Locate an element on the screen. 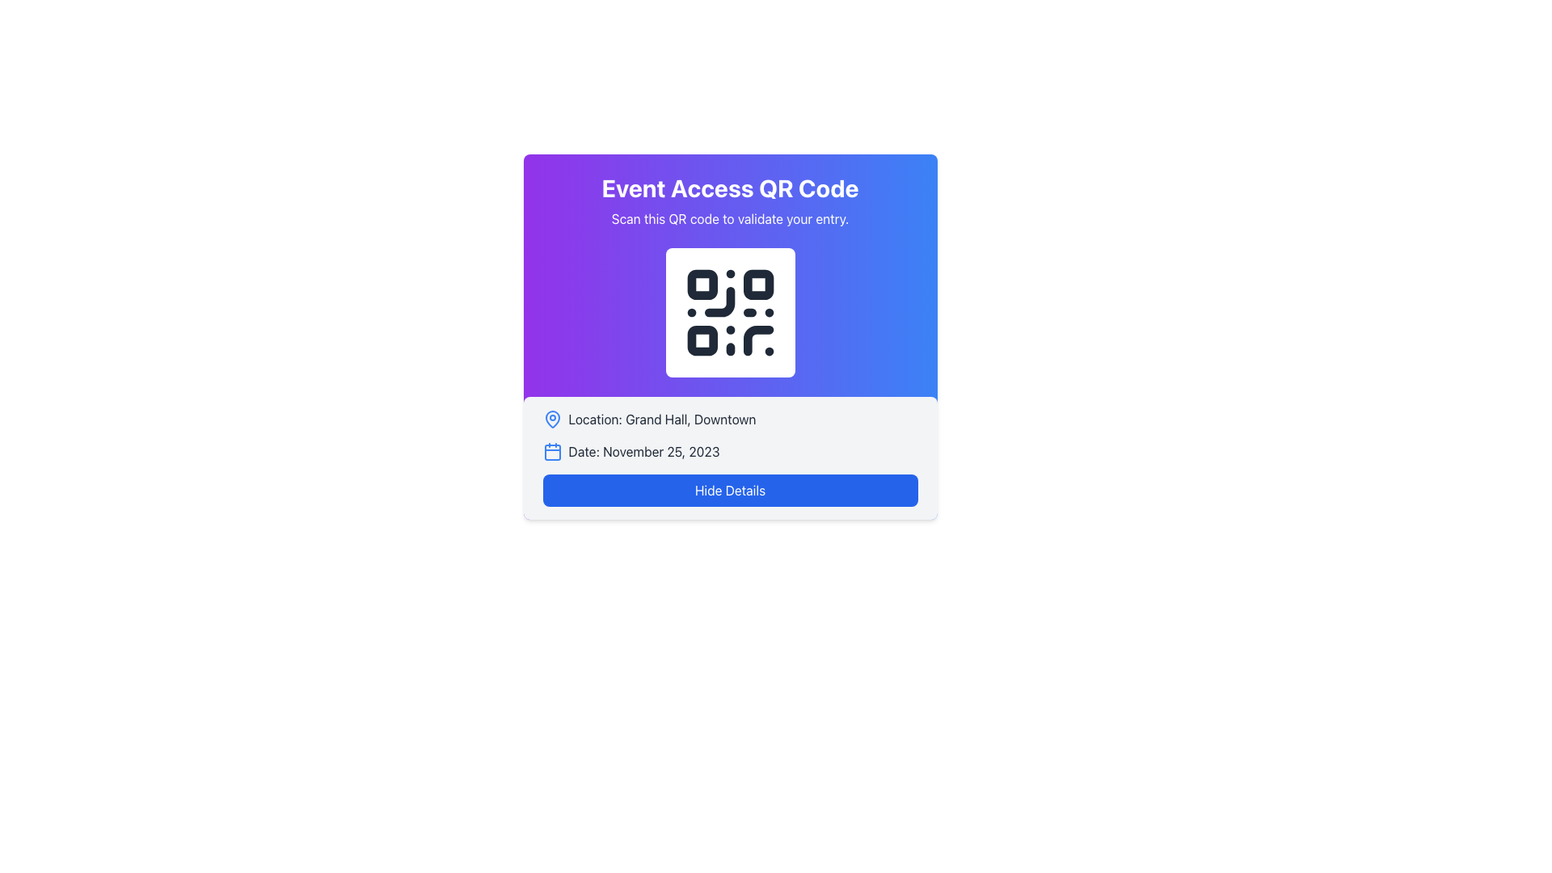 This screenshot has height=873, width=1552. the text label indicating the event's location as 'Grand Hall, Downtown', which is situated directly beneath the QR code and above the 'Date: November 25, 2023' text is located at coordinates (729, 419).